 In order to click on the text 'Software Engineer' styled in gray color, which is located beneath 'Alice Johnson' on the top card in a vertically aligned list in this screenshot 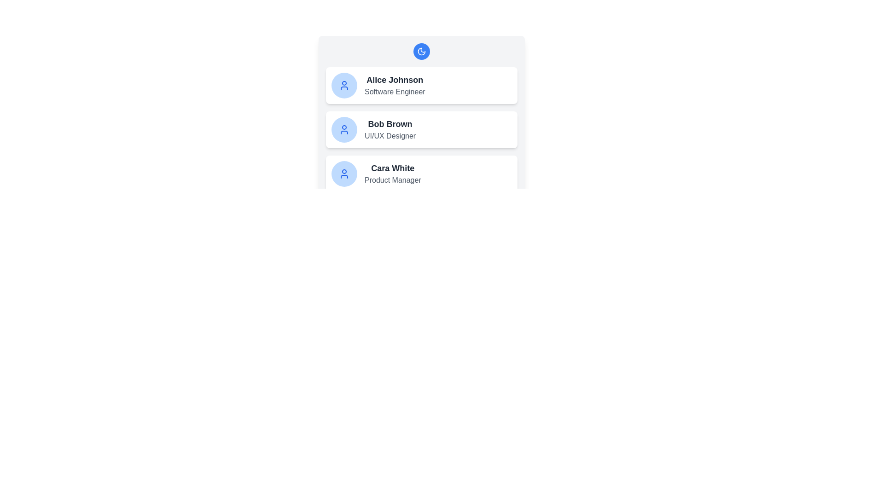, I will do `click(395, 92)`.